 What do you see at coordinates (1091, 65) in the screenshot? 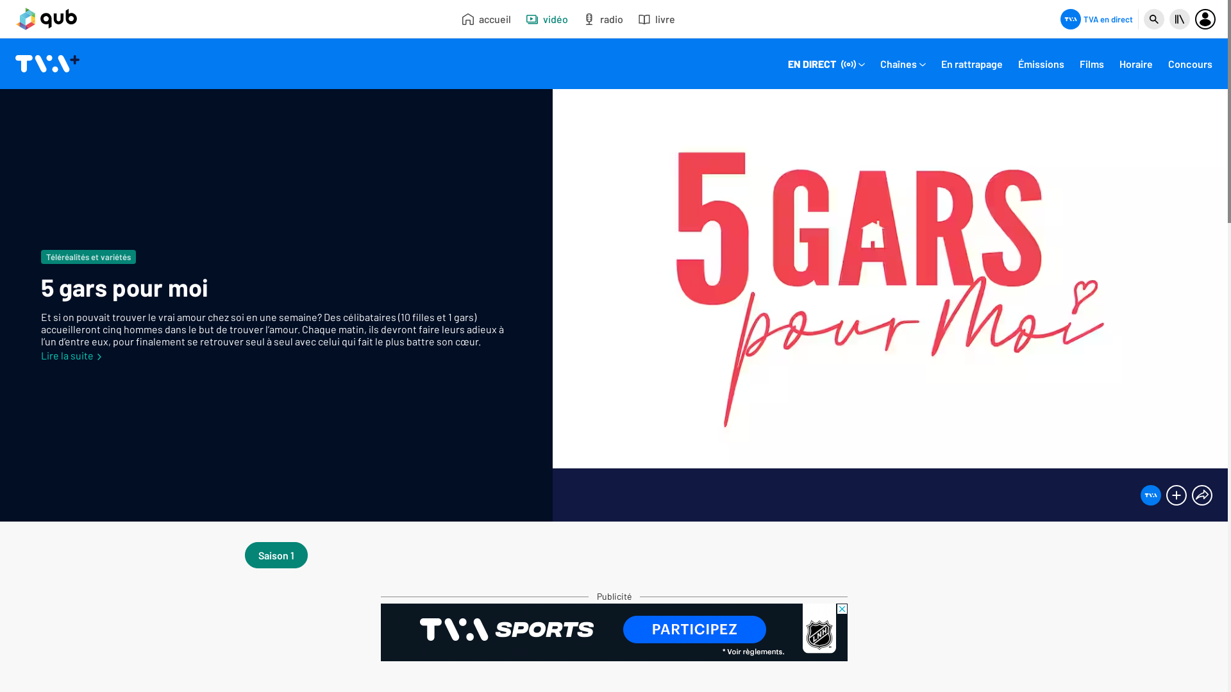
I see `'Films'` at bounding box center [1091, 65].